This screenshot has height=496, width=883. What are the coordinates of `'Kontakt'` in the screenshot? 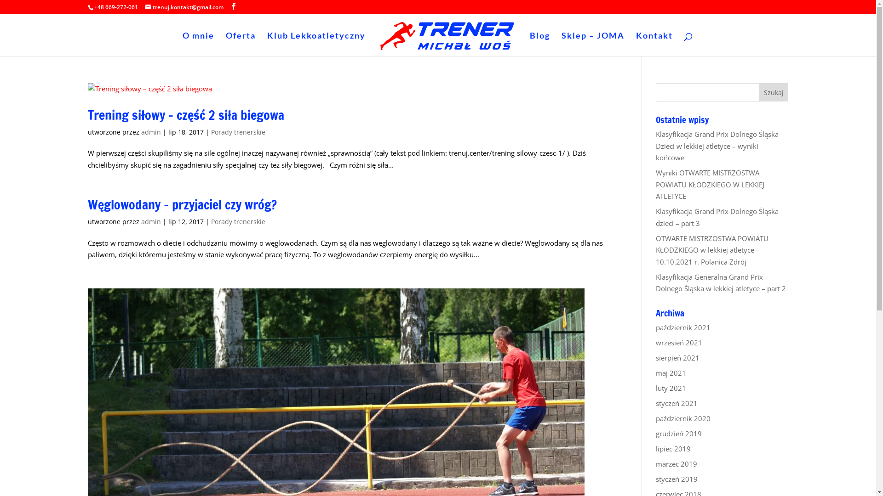 It's located at (654, 44).